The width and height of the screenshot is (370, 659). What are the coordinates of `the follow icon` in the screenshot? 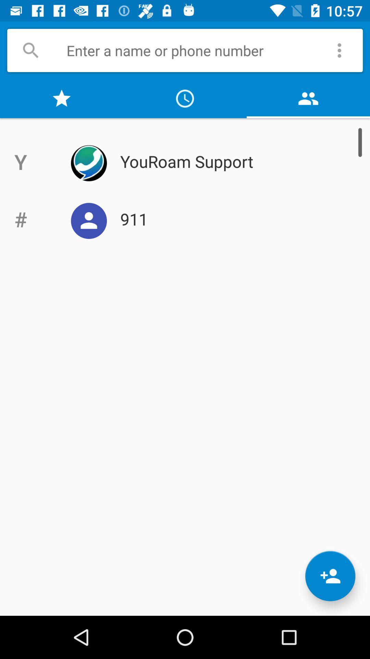 It's located at (330, 576).